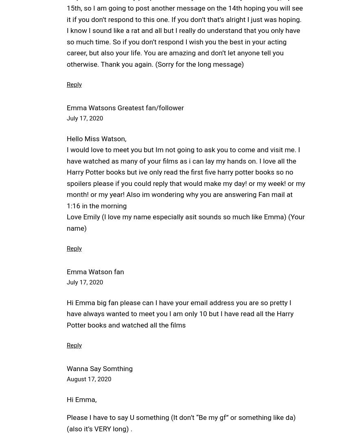  What do you see at coordinates (66, 313) in the screenshot?
I see `'Hi Emma big fan please can I have your email address you are so pretty I have always wanted to meet you I am only 10 but I have read all the Harry Potter books and watched all the films'` at bounding box center [66, 313].